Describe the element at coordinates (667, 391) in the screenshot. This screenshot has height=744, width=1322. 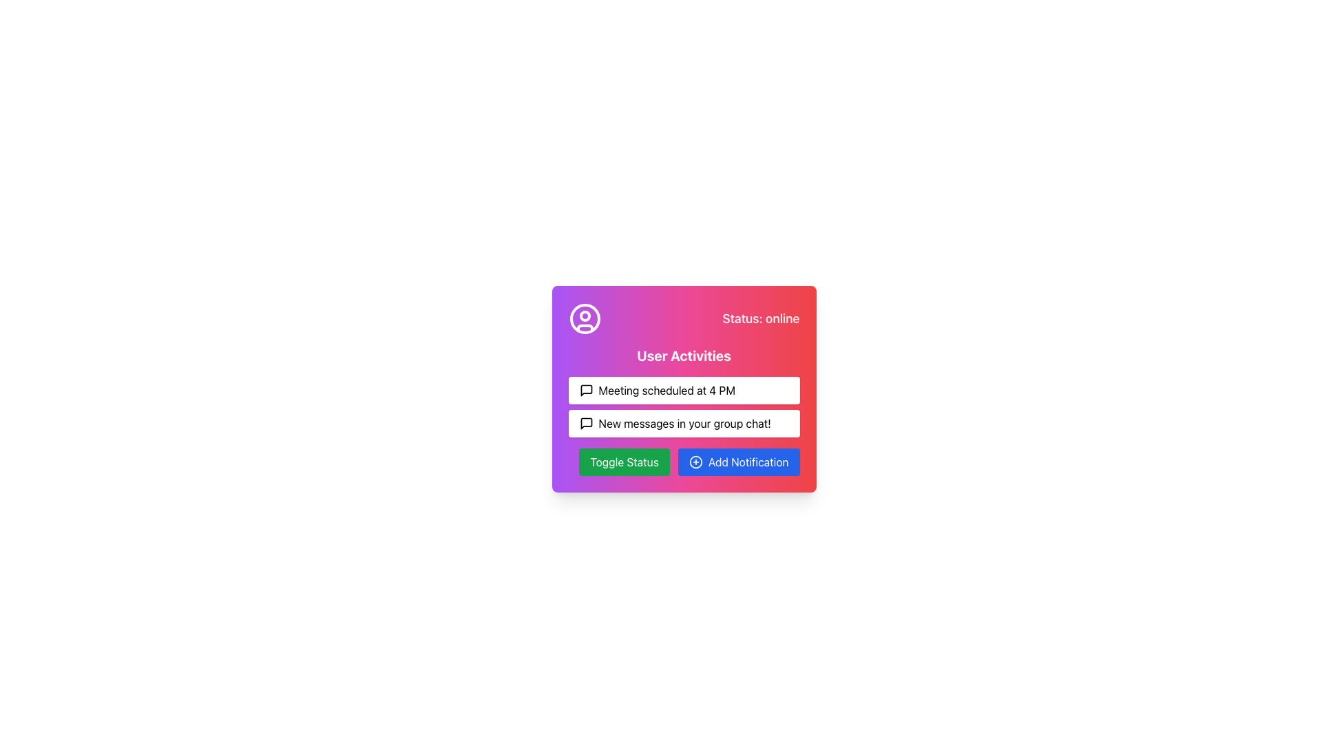
I see `the text label that reads 'Meeting scheduled at 4 PM', which is styled in black text on a white rectangular background and positioned adjacent to a speech bubble icon` at that location.